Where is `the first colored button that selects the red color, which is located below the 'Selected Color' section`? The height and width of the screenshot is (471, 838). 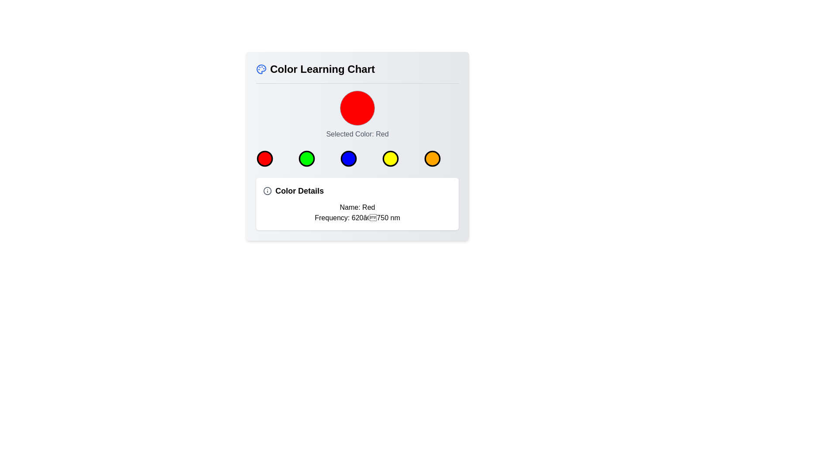 the first colored button that selects the red color, which is located below the 'Selected Color' section is located at coordinates (264, 158).